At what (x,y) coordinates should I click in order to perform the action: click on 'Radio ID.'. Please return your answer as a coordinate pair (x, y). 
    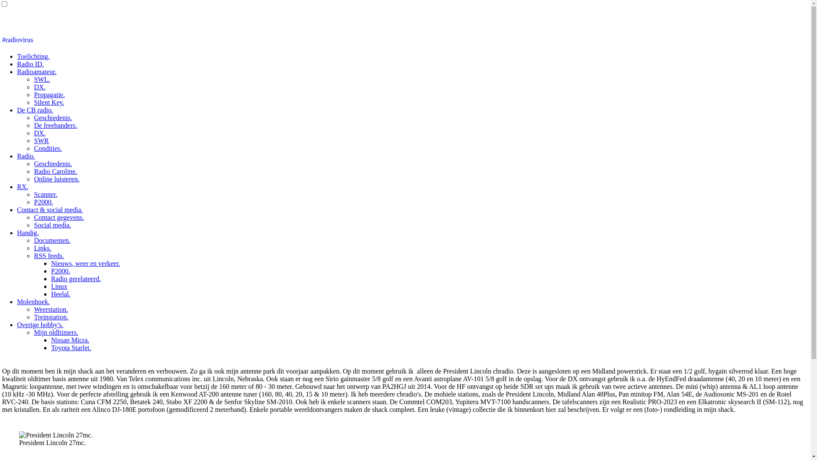
    Looking at the image, I should click on (30, 63).